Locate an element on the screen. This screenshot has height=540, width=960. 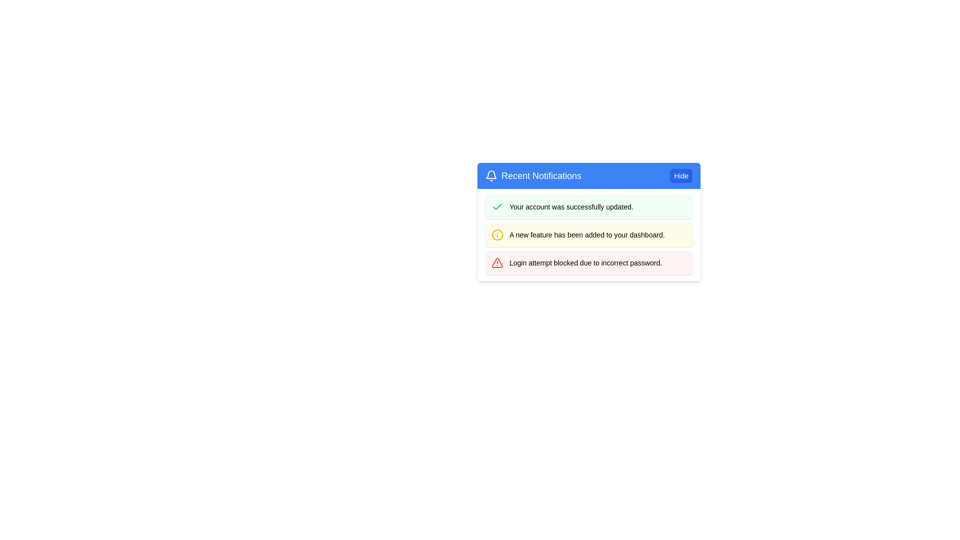
the icon representing information related to the notification message 'A new feature has been added to your dashboard.' within the second notification item under the 'Recent Notifications' header is located at coordinates (497, 235).